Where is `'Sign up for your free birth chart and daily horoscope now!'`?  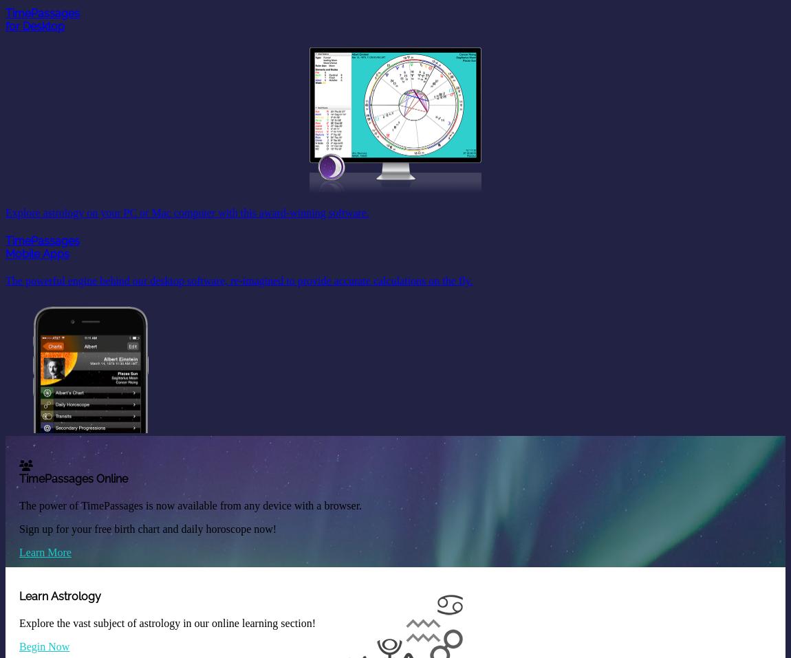 'Sign up for your free birth chart and daily horoscope now!' is located at coordinates (147, 527).